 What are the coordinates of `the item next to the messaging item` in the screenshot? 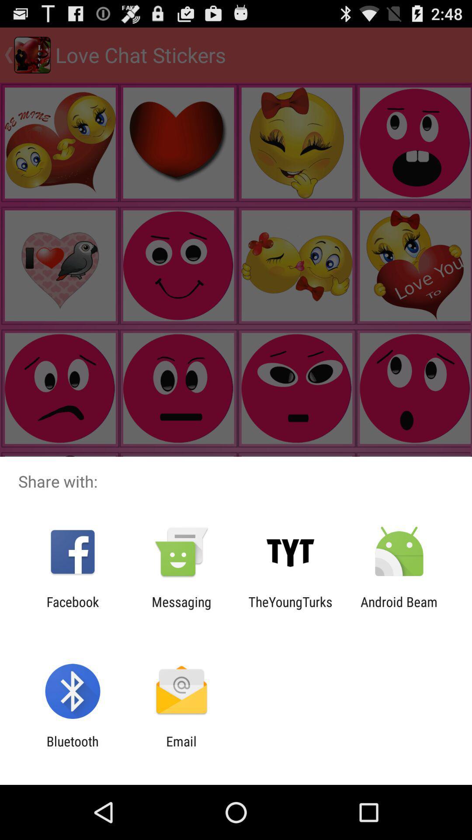 It's located at (290, 609).